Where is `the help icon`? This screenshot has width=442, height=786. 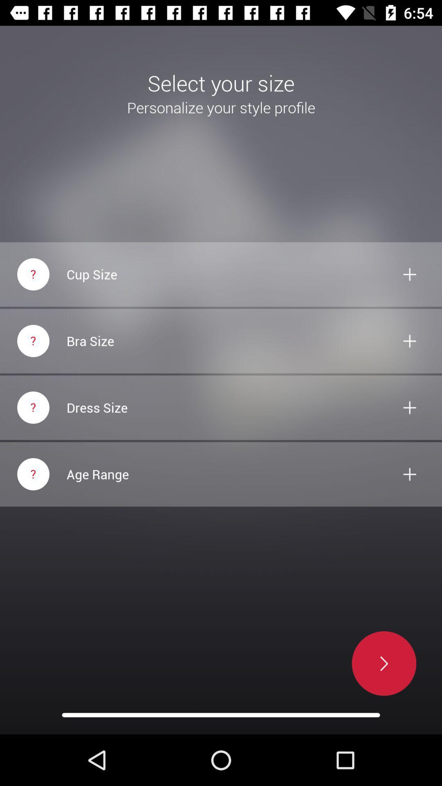
the help icon is located at coordinates (33, 407).